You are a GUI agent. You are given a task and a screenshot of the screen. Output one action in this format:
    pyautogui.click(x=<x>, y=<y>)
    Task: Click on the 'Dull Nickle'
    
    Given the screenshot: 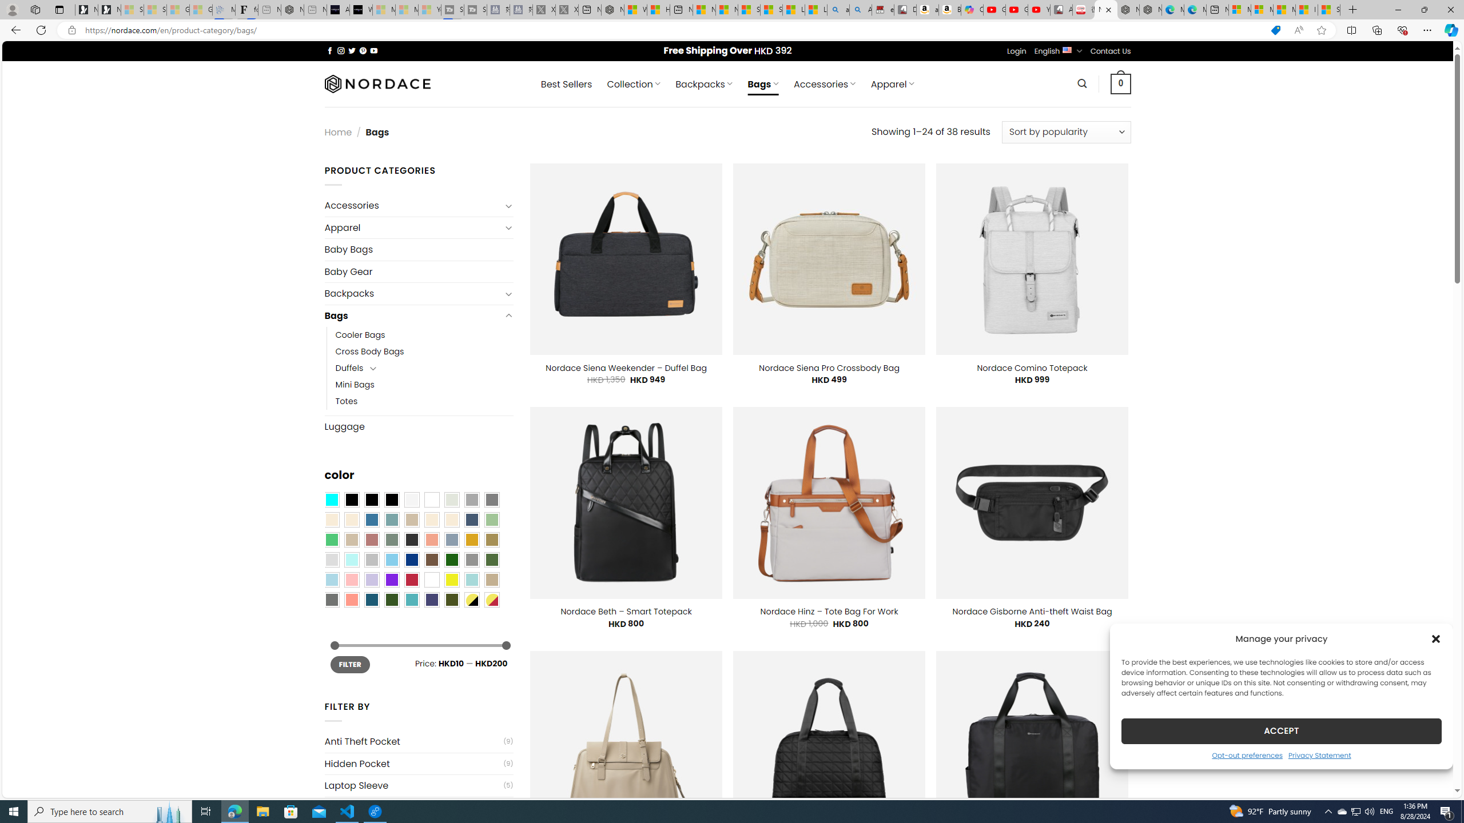 What is the action you would take?
    pyautogui.click(x=331, y=600)
    